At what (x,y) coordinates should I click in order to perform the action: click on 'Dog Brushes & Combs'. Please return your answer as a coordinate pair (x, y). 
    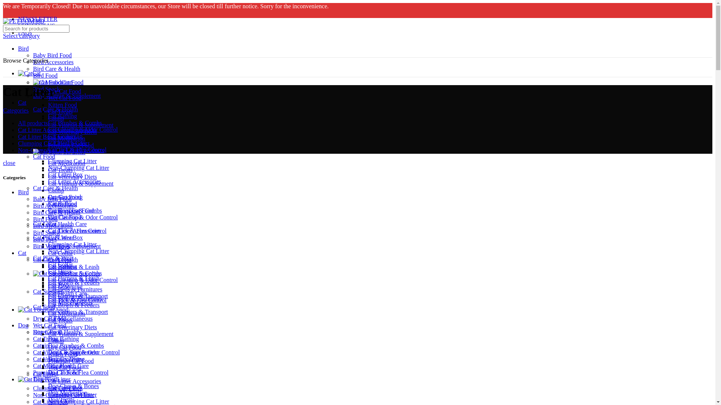
    Looking at the image, I should click on (48, 345).